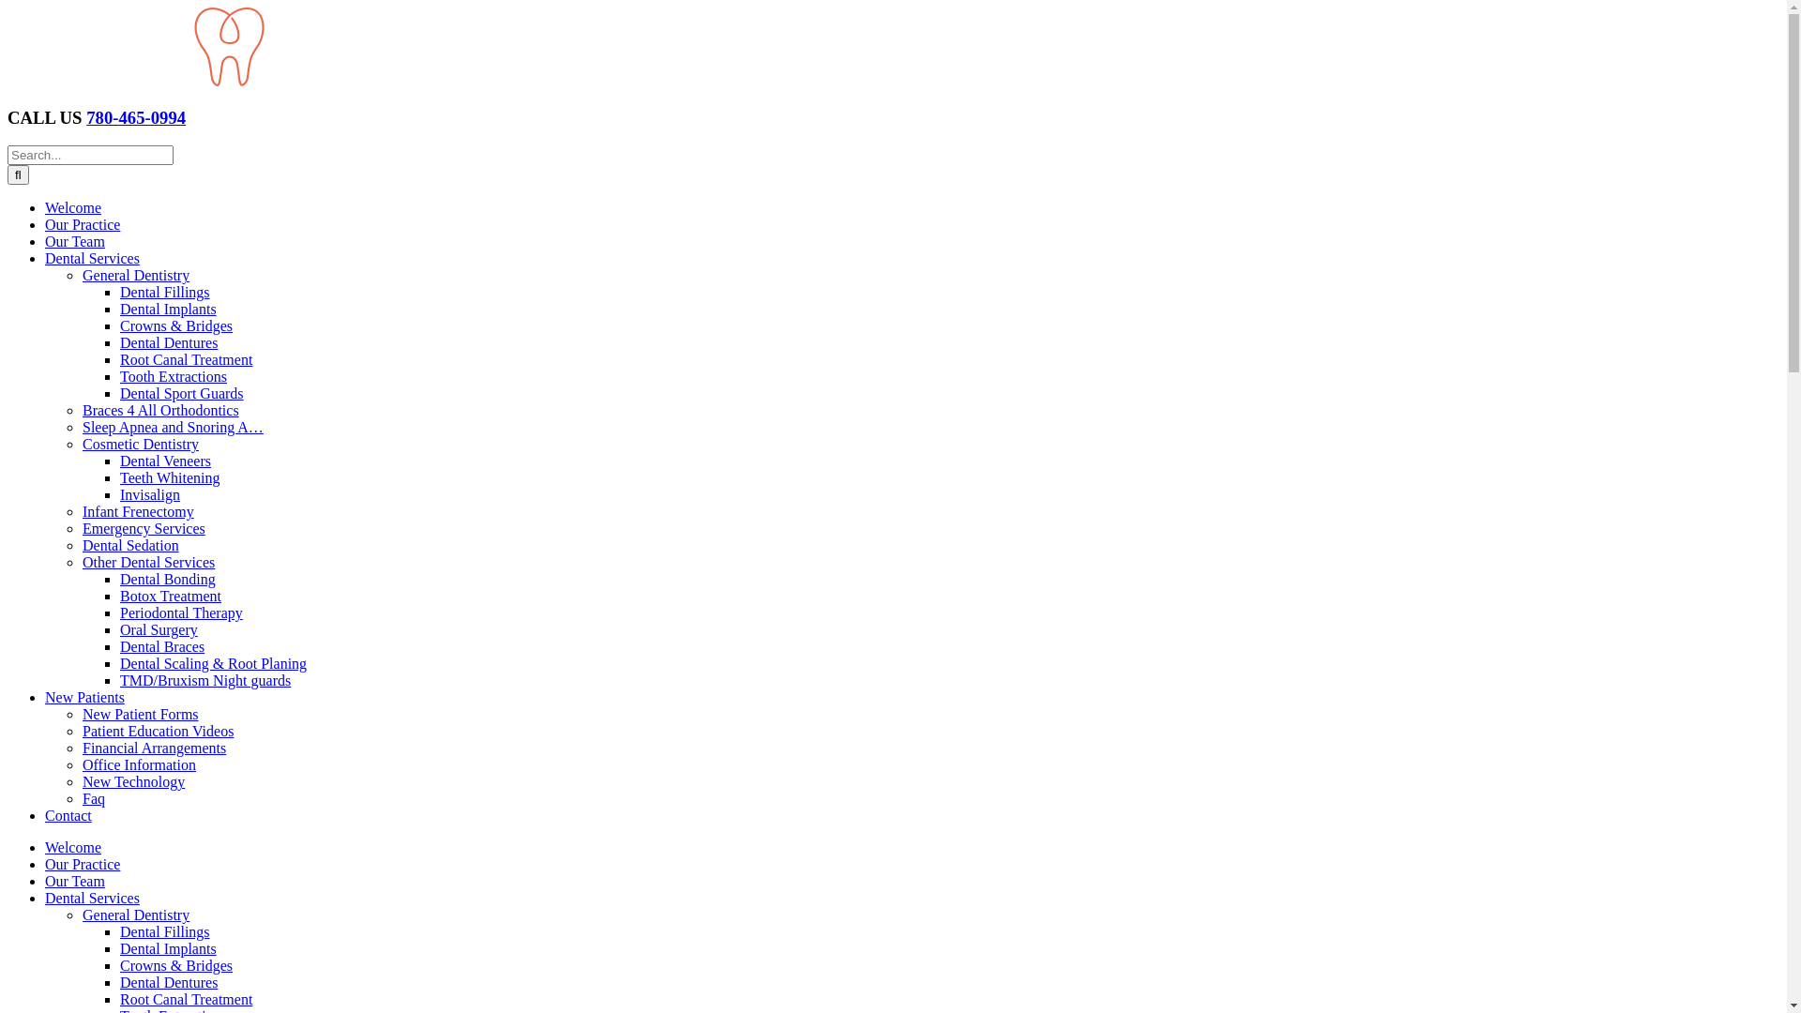 The width and height of the screenshot is (1801, 1013). Describe the element at coordinates (119, 680) in the screenshot. I see `'TMD/Bruxism Night guards'` at that location.